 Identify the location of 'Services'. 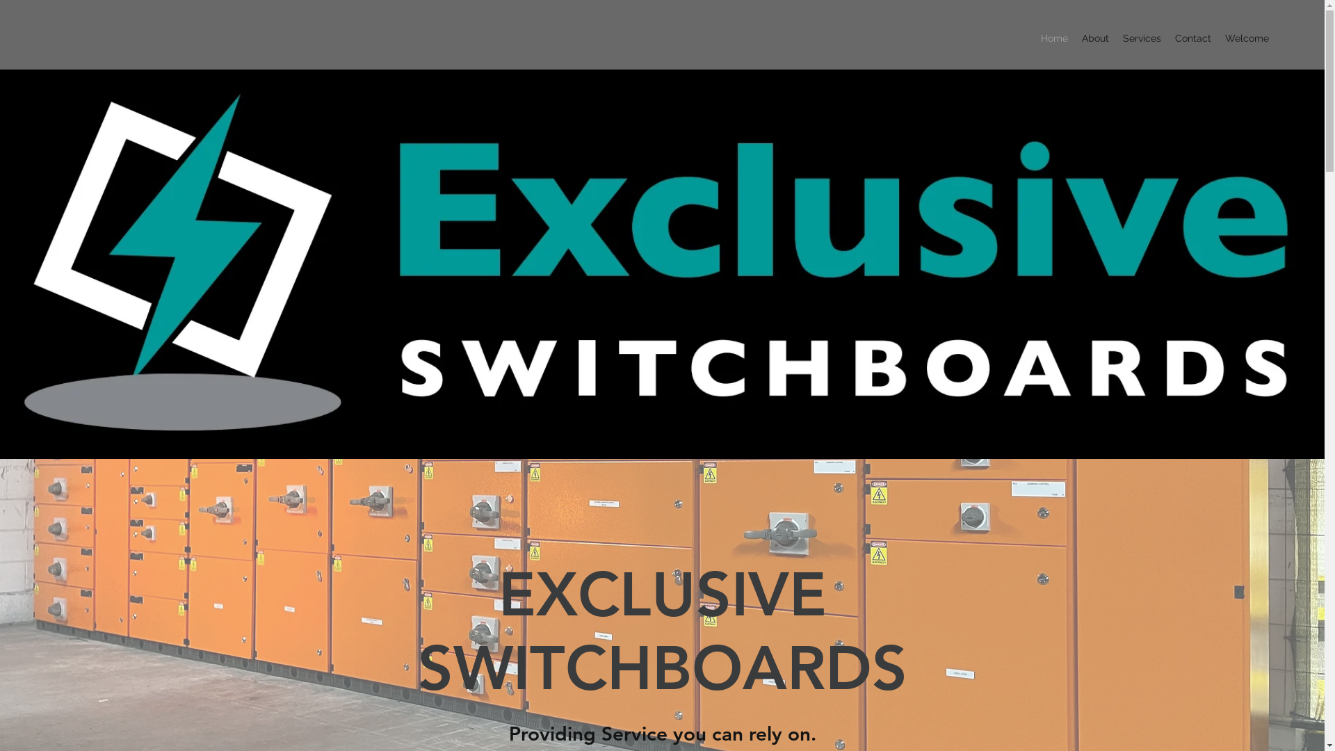
(1142, 37).